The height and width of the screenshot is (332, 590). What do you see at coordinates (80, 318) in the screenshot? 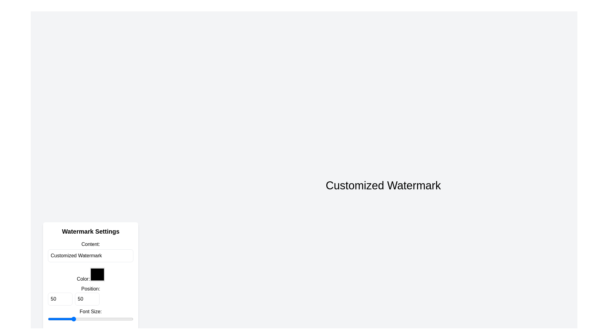
I see `the font size` at bounding box center [80, 318].